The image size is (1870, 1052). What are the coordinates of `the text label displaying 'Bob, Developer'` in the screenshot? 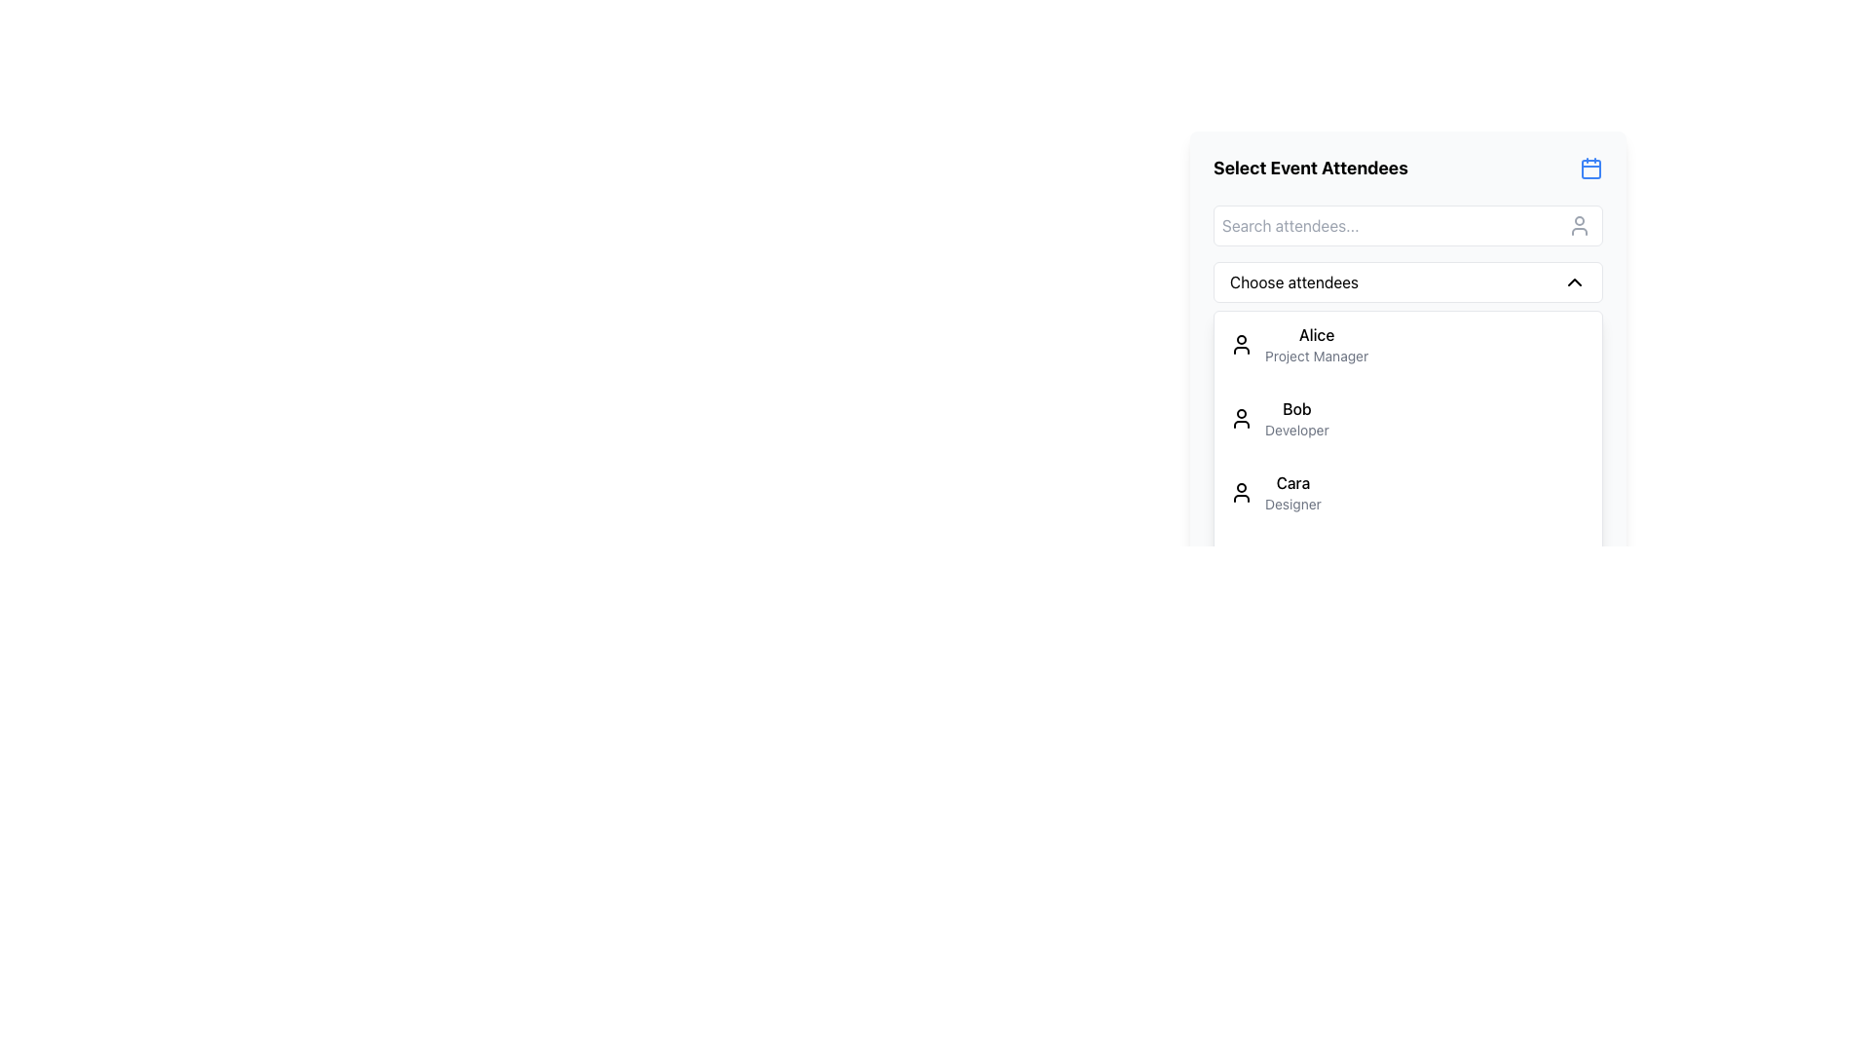 It's located at (1296, 417).